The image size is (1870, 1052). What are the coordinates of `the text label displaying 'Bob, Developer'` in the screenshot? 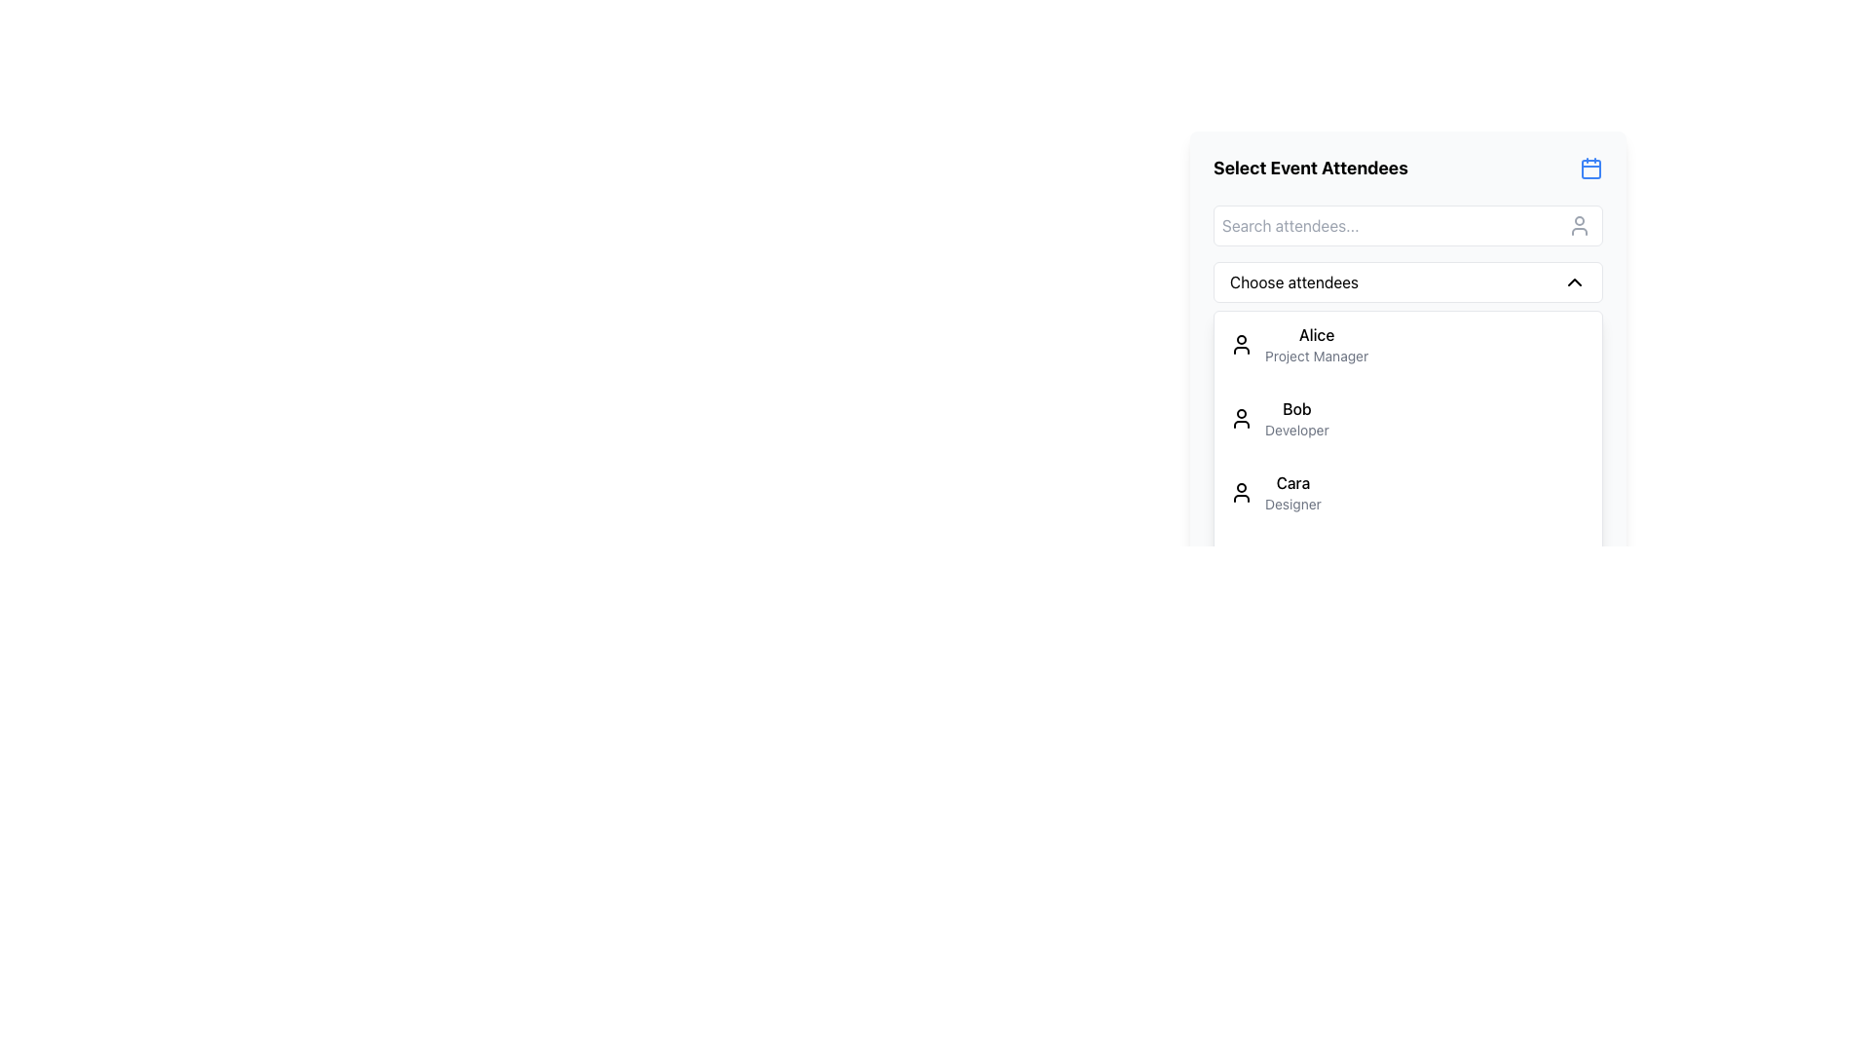 It's located at (1296, 417).